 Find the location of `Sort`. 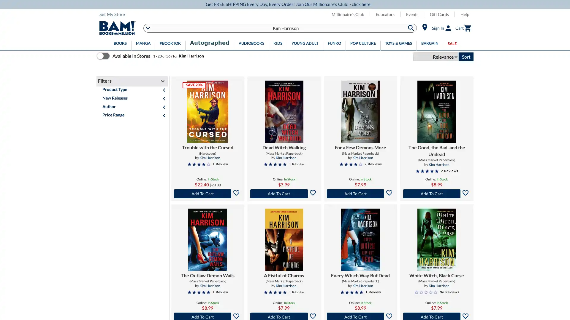

Sort is located at coordinates (465, 57).